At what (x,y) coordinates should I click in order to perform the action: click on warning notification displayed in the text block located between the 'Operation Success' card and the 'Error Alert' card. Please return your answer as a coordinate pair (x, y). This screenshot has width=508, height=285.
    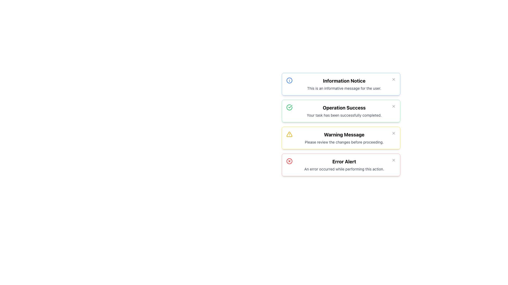
    Looking at the image, I should click on (344, 138).